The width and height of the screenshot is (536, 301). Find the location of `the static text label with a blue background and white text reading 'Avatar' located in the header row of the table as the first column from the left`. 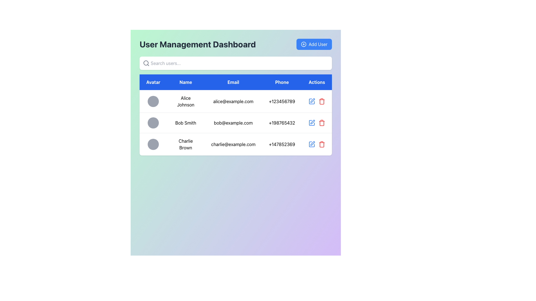

the static text label with a blue background and white text reading 'Avatar' located in the header row of the table as the first column from the left is located at coordinates (153, 82).